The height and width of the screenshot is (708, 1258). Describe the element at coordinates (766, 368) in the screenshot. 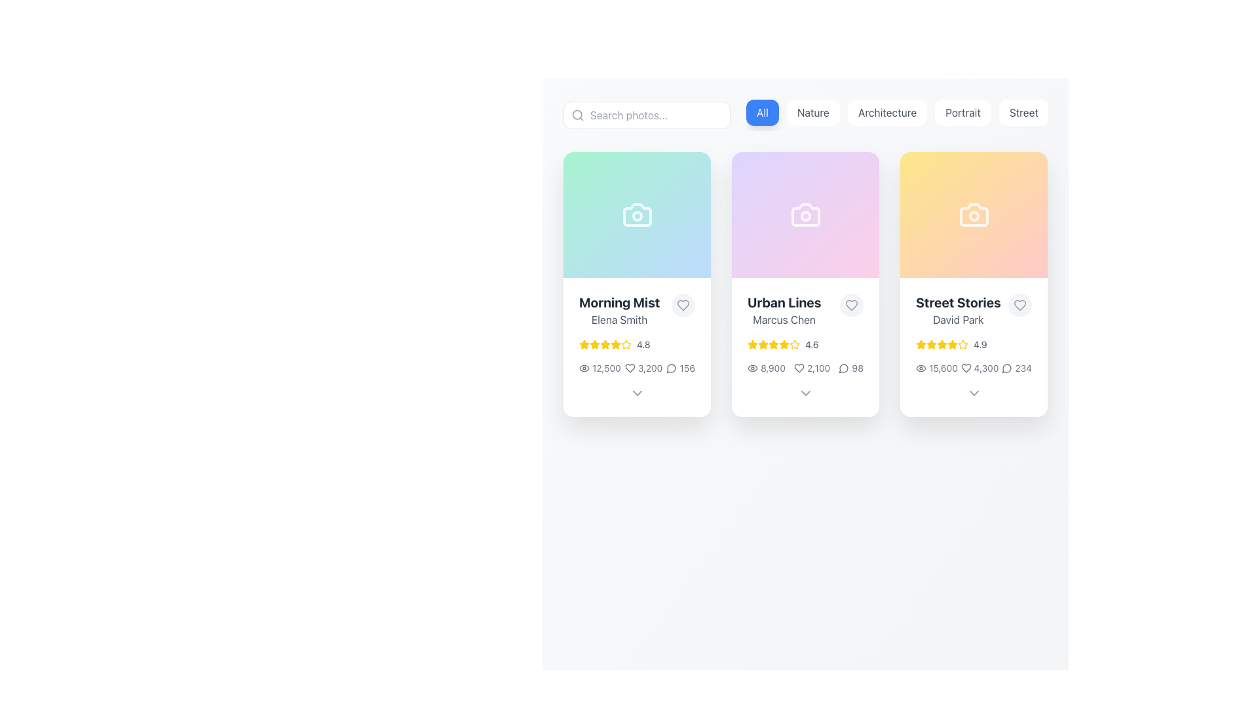

I see `the displayed value '8,900' associated with the eye-icon graphic in the statistics section below the 'Urban Lines' card` at that location.